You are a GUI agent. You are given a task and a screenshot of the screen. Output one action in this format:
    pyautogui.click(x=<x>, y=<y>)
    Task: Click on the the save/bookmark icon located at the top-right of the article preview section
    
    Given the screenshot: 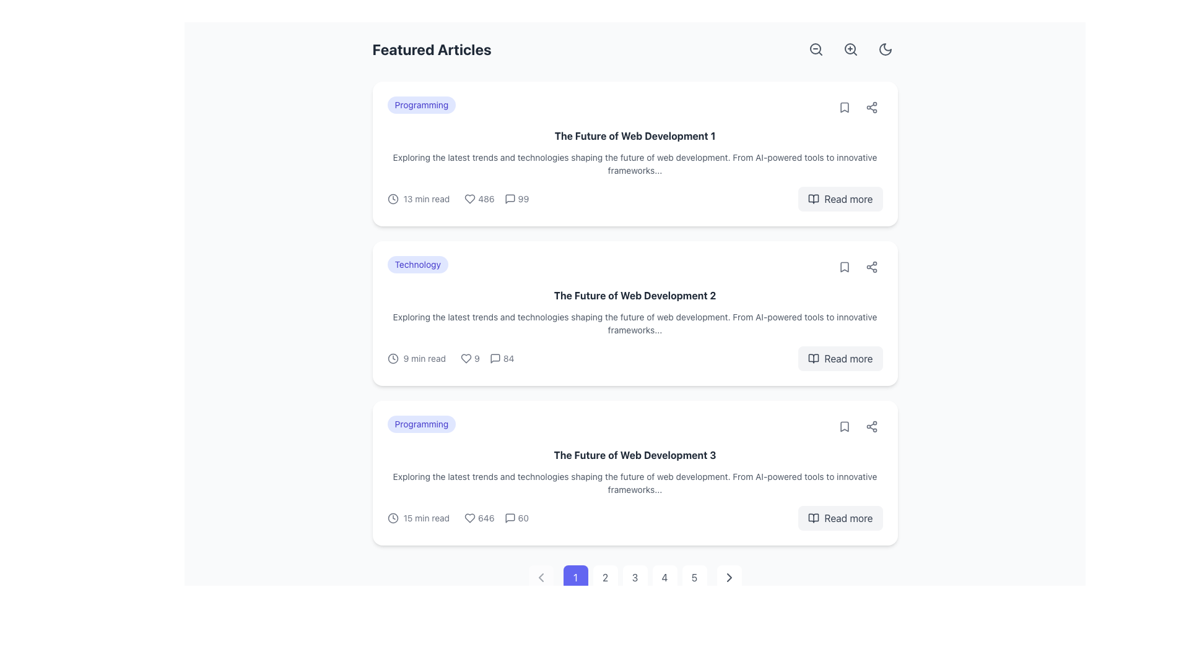 What is the action you would take?
    pyautogui.click(x=843, y=106)
    